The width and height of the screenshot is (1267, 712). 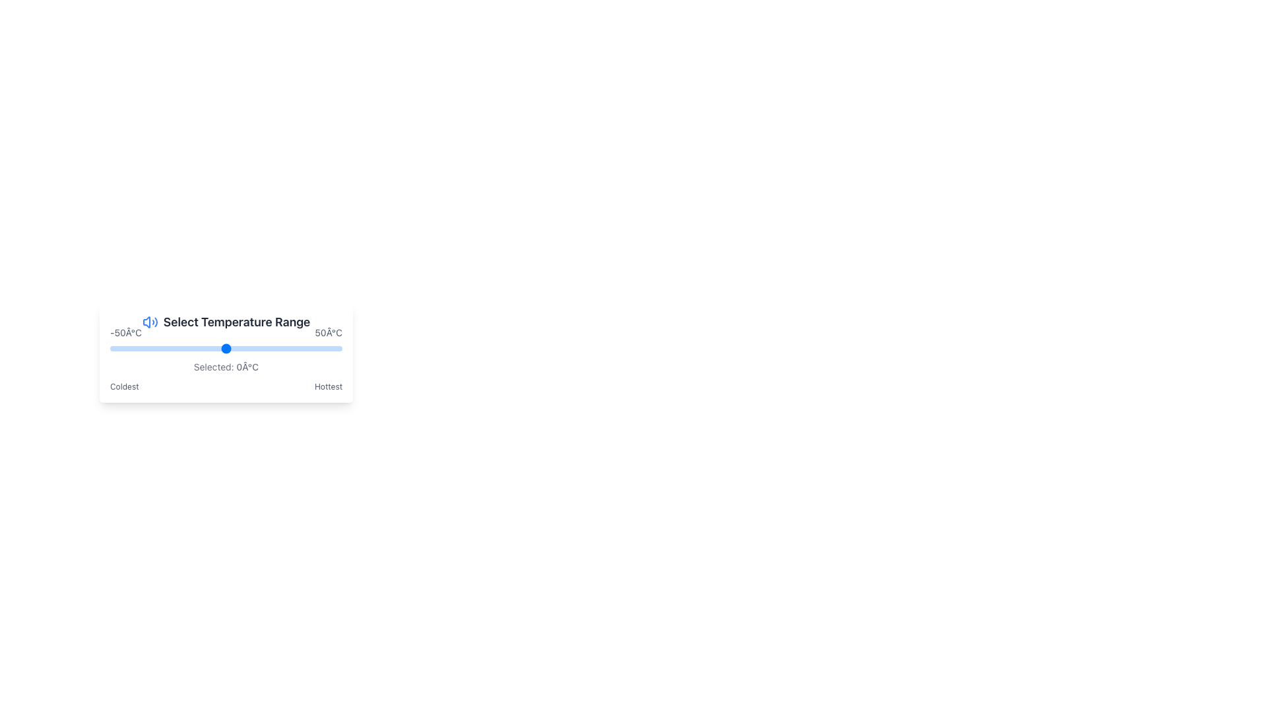 What do you see at coordinates (126, 332) in the screenshot?
I see `the static text label displaying '-50°C', which is positioned above the left side of a slider component` at bounding box center [126, 332].